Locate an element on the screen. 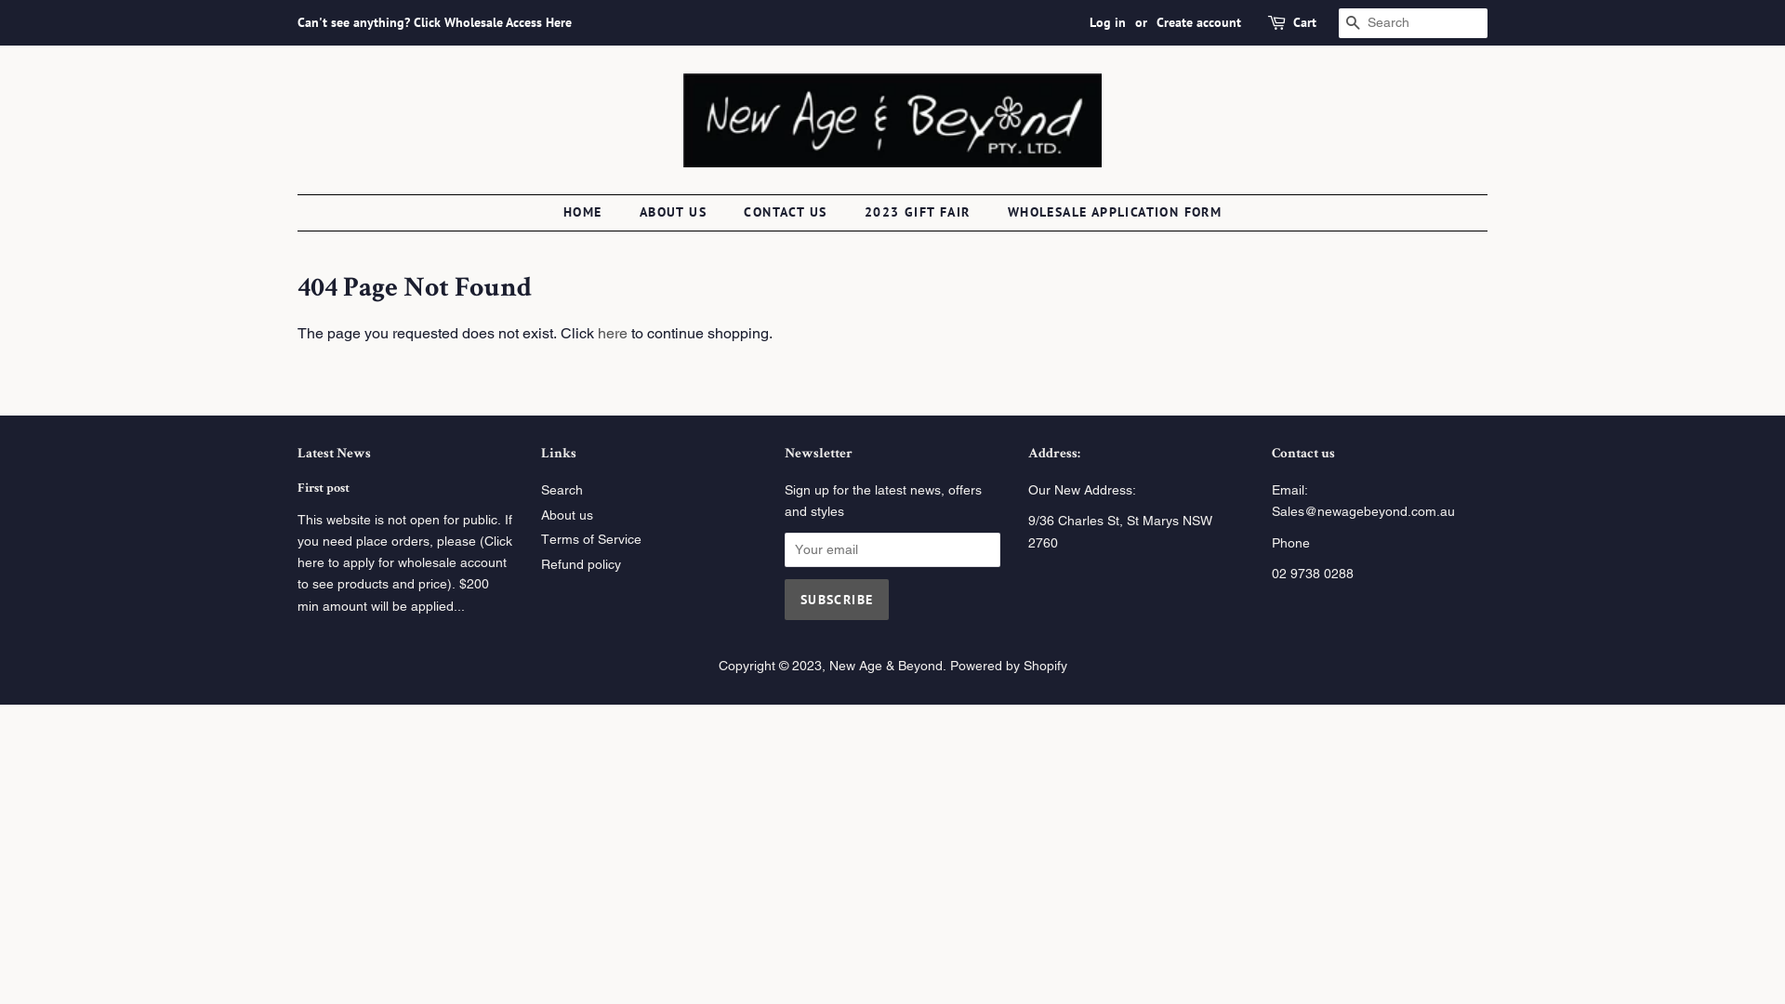 Image resolution: width=1785 pixels, height=1004 pixels. 'Can't see anything? Click Wholesale Access Here' is located at coordinates (433, 21).